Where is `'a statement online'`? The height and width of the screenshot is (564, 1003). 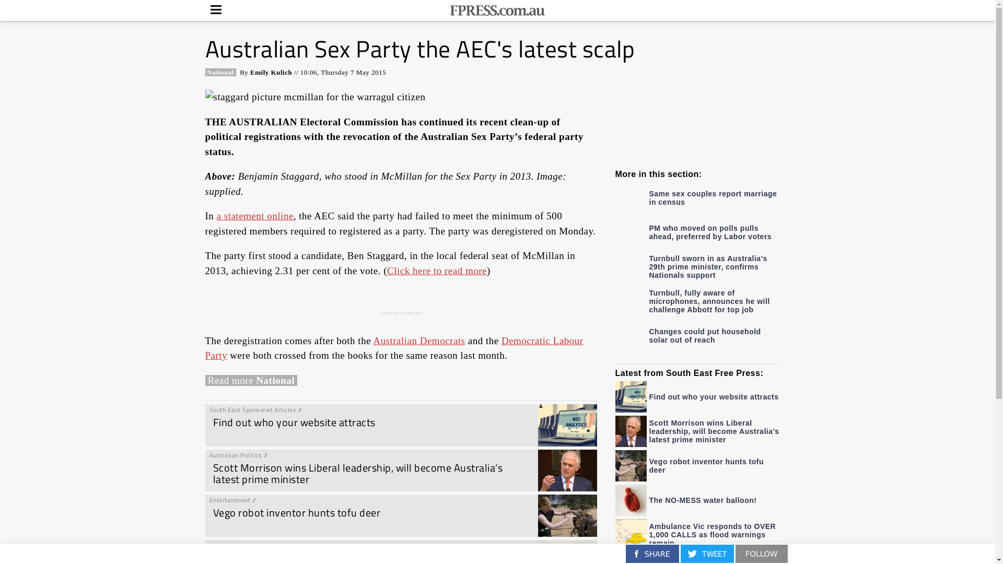
'a statement online' is located at coordinates (216, 215).